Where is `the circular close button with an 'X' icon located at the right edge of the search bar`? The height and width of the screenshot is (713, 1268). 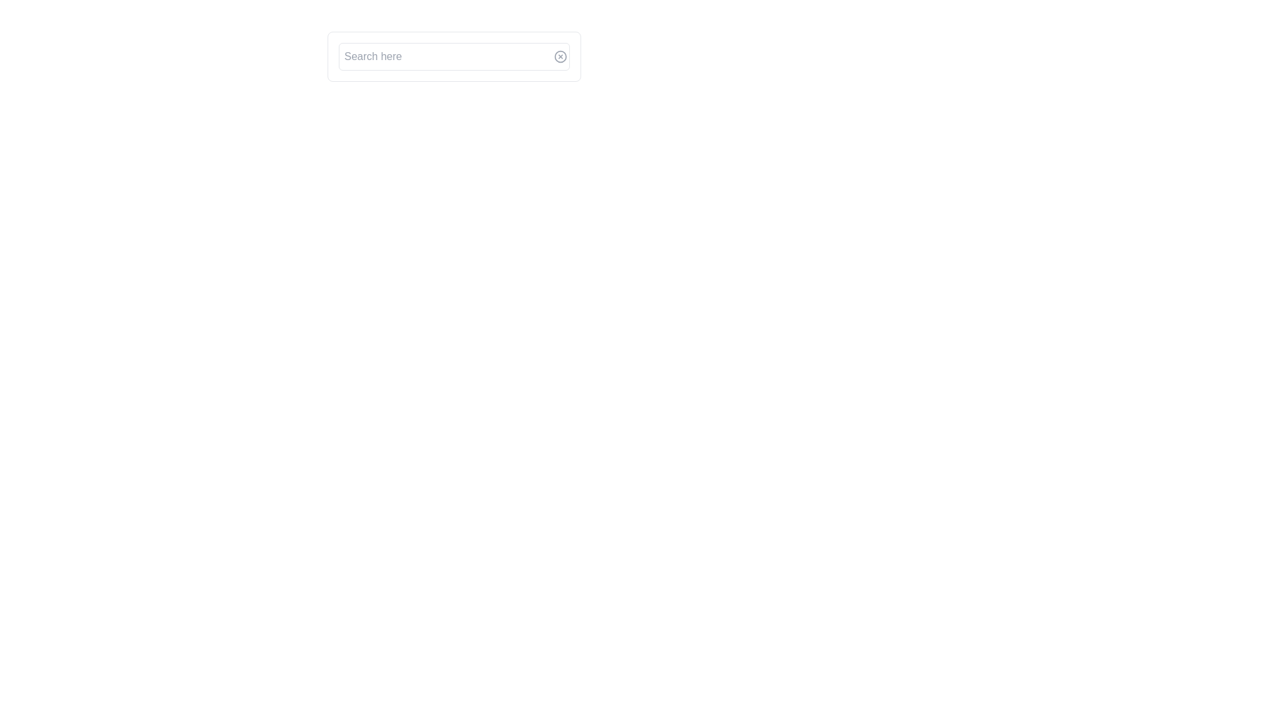 the circular close button with an 'X' icon located at the right edge of the search bar is located at coordinates (560, 55).